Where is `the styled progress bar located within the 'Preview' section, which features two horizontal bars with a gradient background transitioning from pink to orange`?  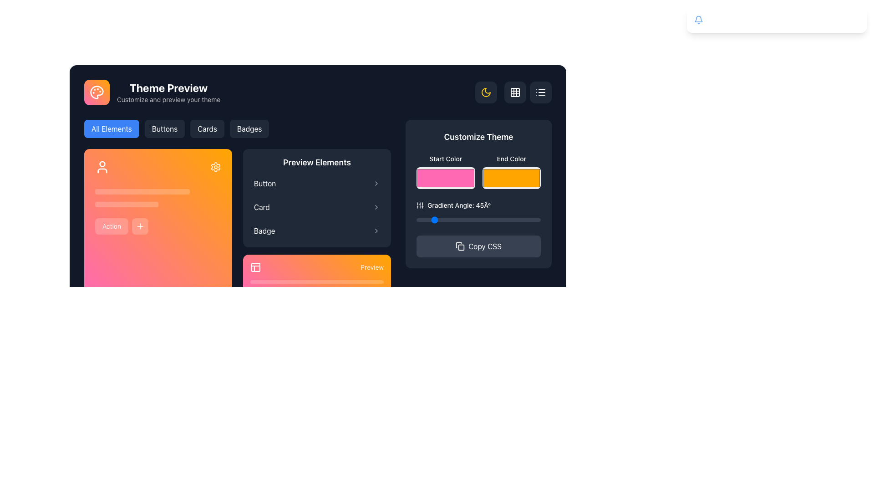
the styled progress bar located within the 'Preview' section, which features two horizontal bars with a gradient background transitioning from pink to orange is located at coordinates (317, 285).